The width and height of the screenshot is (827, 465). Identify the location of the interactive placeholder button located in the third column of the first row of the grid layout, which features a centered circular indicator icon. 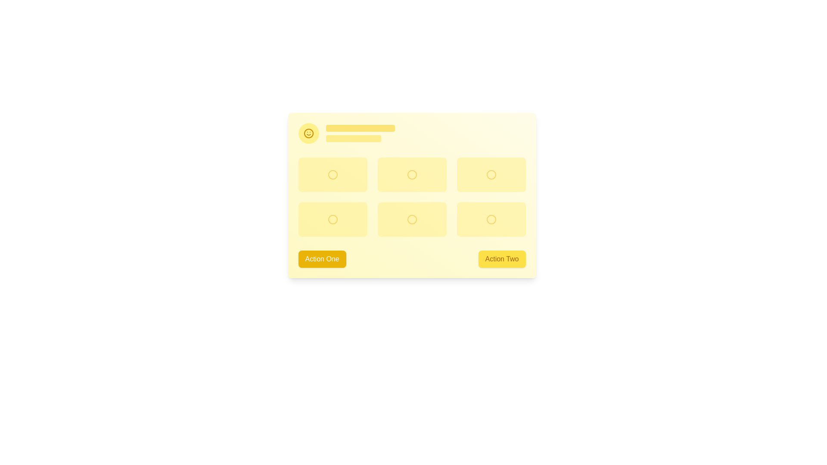
(491, 174).